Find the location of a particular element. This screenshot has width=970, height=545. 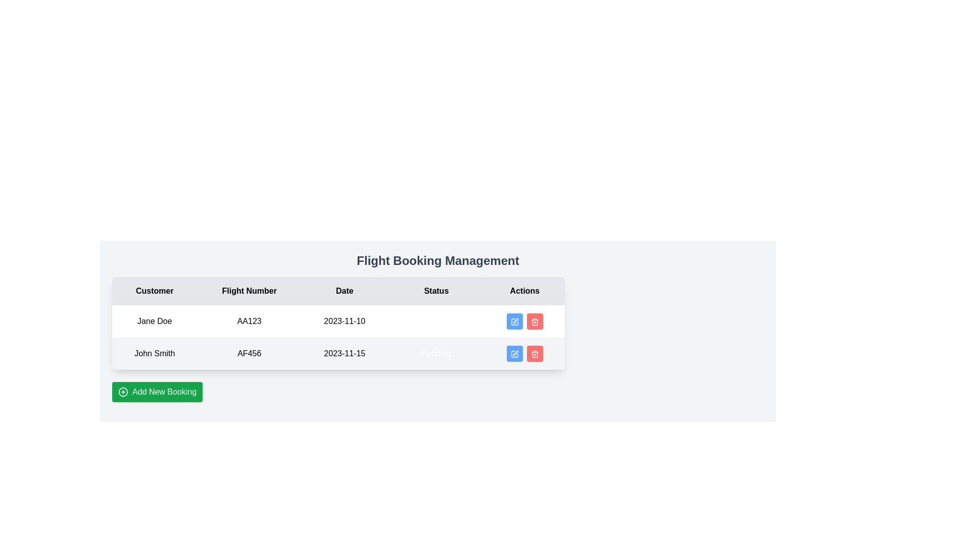

the table row displaying booking information for 'Jane Doe' and 'John Smith' is located at coordinates (338, 337).